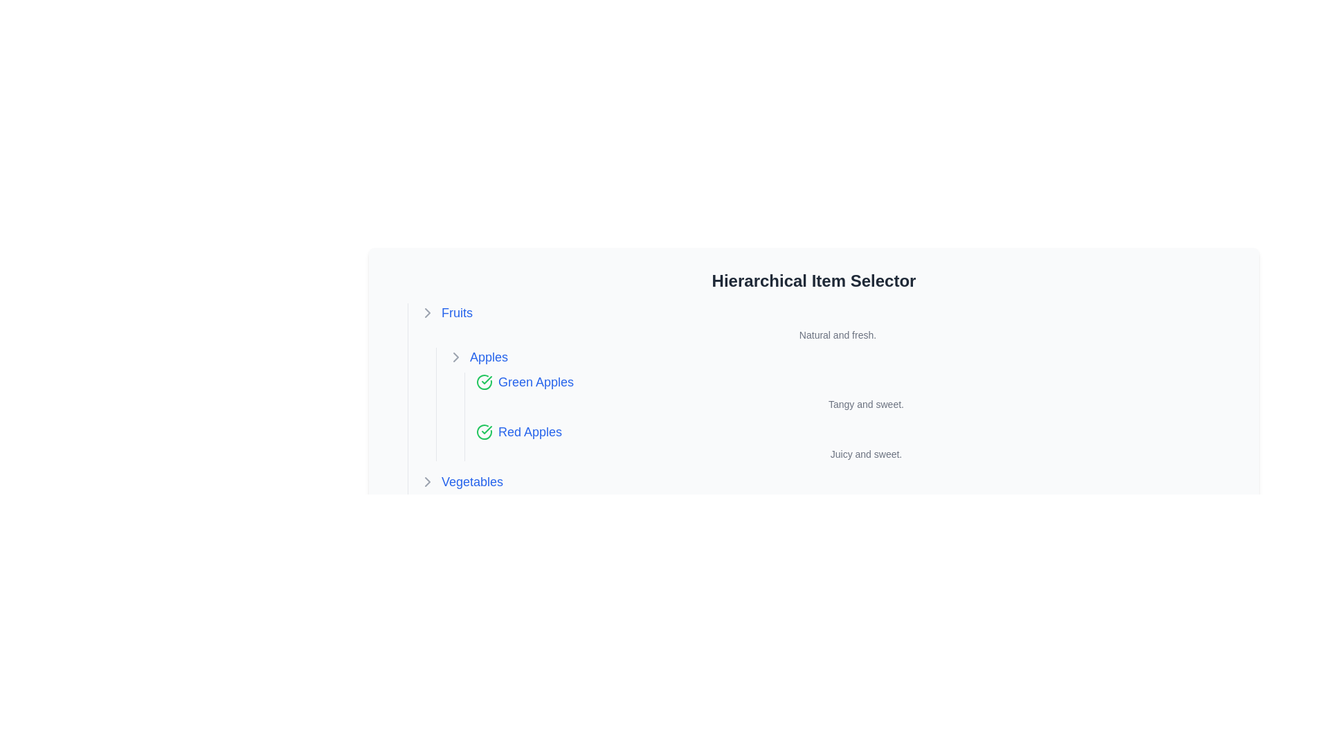 This screenshot has width=1329, height=748. I want to click on the text label that provides a description of 'Red Apples', positioned directly below the label and aligned with other item descriptions in the interface, so click(856, 454).